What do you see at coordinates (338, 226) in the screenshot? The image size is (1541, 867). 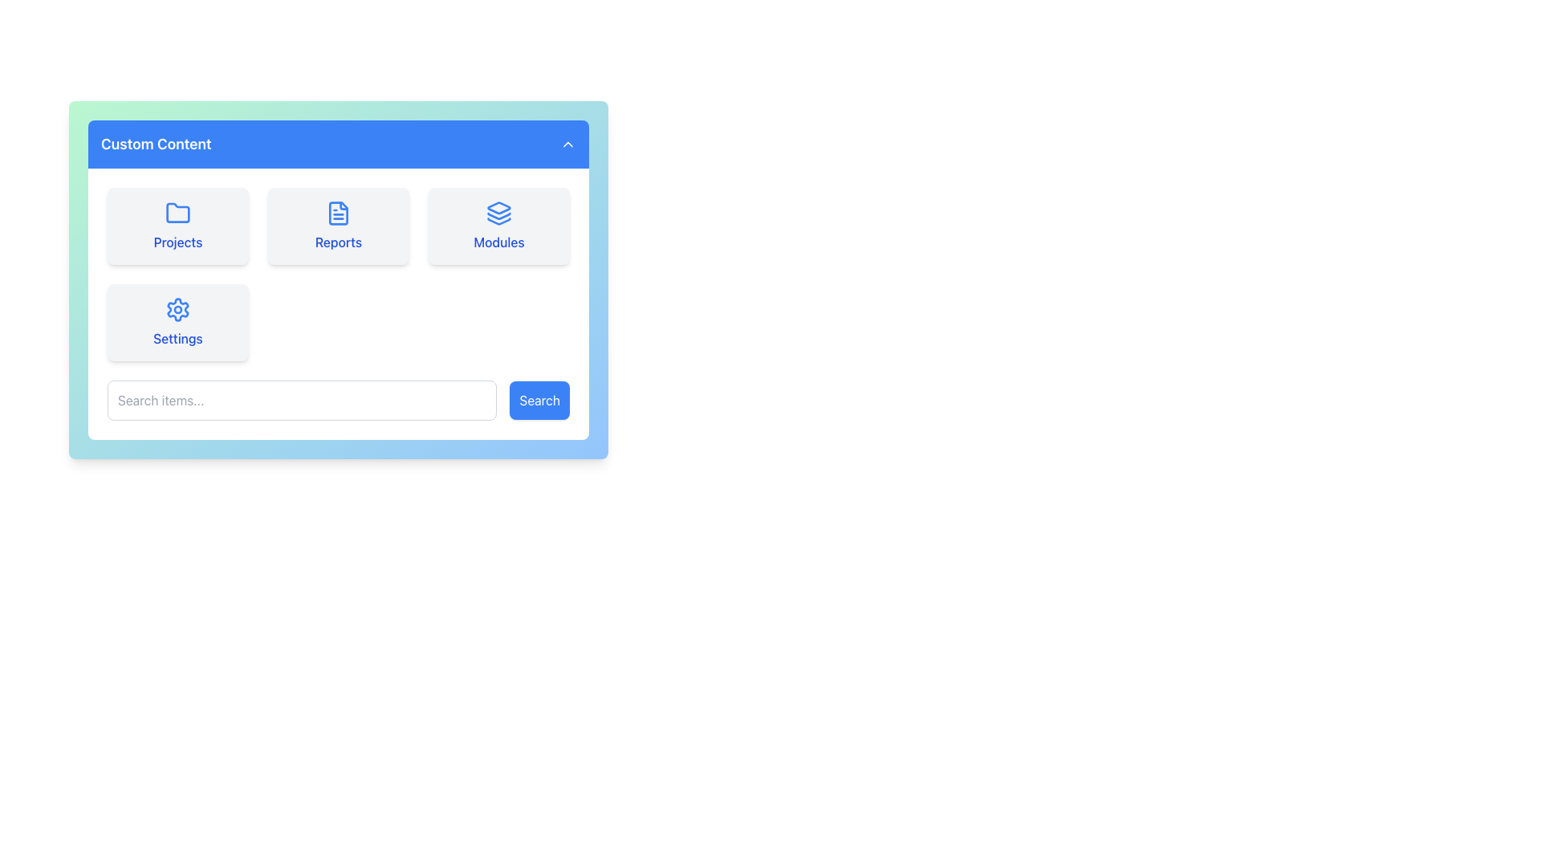 I see `the 'Reports' interactive card in the navigation grid to trigger hover effects, such as background color change` at bounding box center [338, 226].